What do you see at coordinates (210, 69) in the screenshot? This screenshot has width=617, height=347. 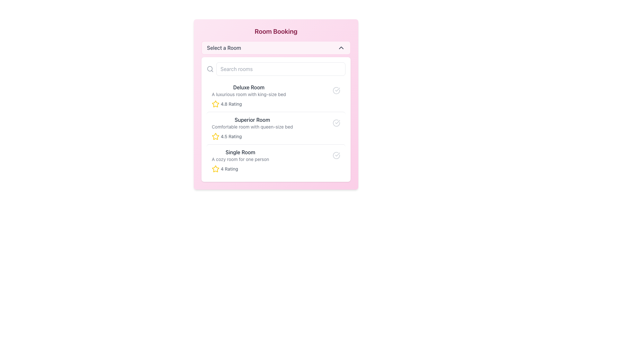 I see `the gray magnifying glass icon located inside the search input area, positioned to the left of the 'Search rooms' input box` at bounding box center [210, 69].